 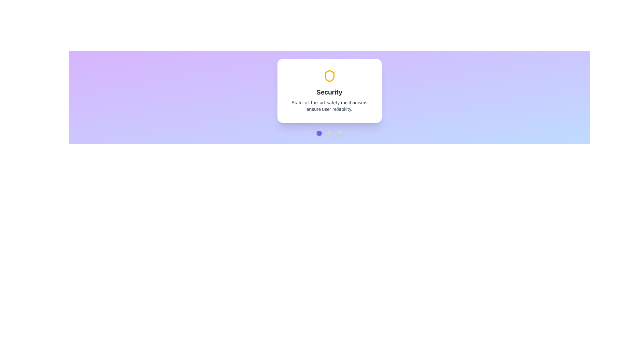 I want to click on the shield icon, which is yellow and outlined, located at the top of the card element with the word 'Security' below it, so click(x=329, y=75).